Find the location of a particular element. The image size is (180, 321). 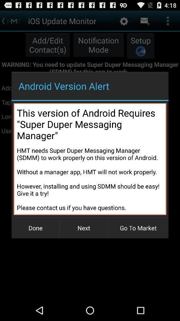

next button is located at coordinates (84, 228).